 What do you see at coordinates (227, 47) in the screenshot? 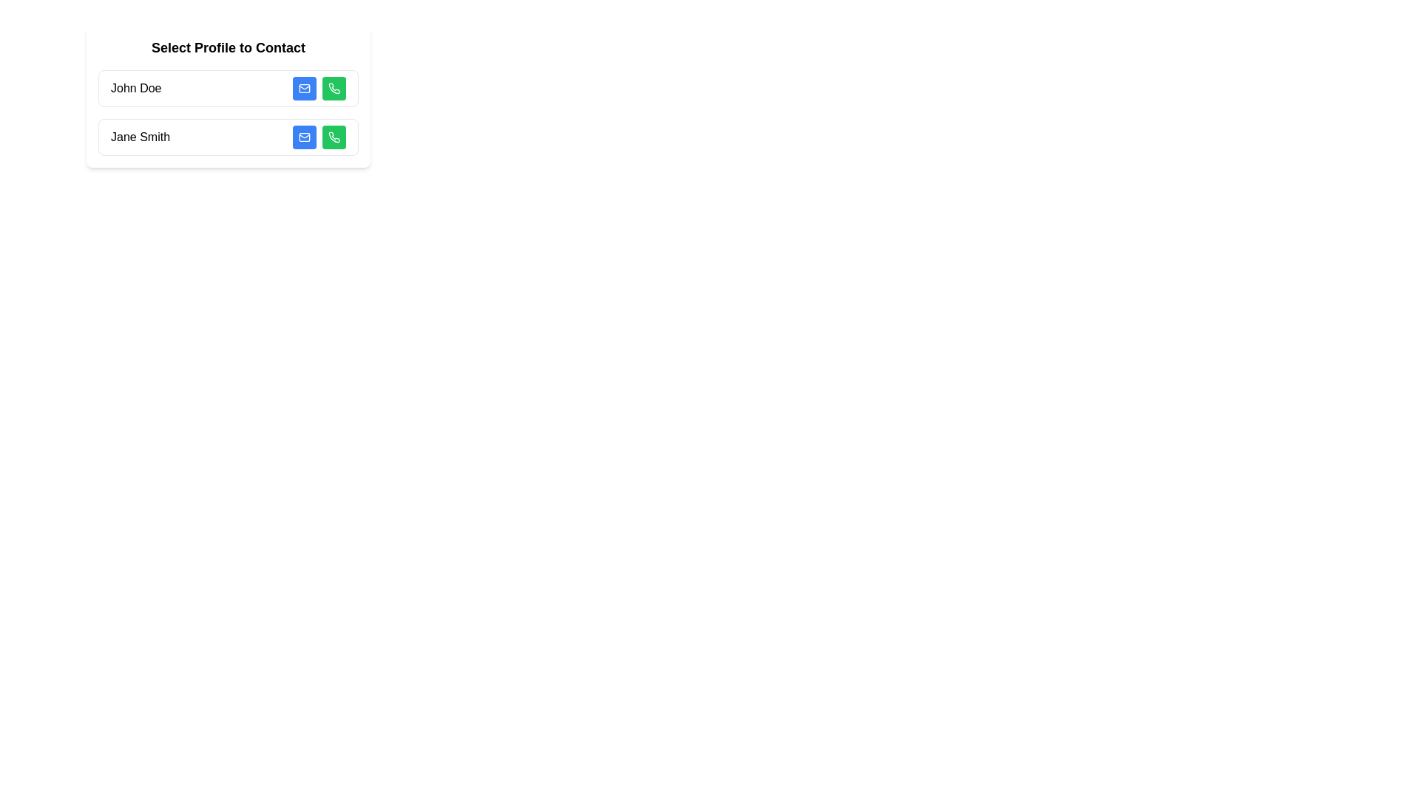
I see `the text label that serves as the header for the profile selection section, indicating the purpose of the interface below` at bounding box center [227, 47].